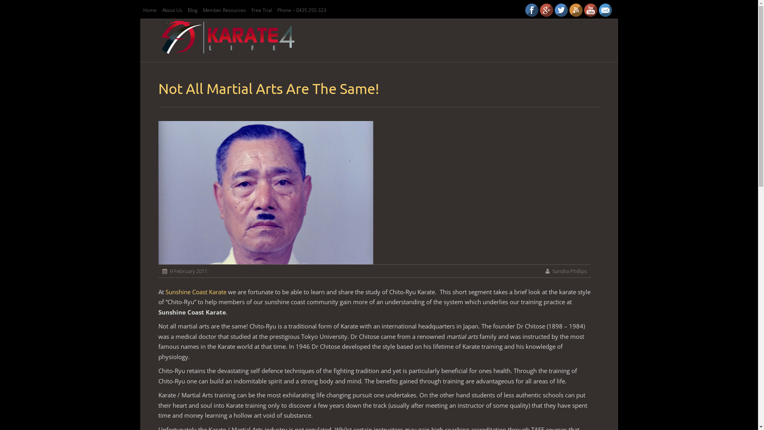 The height and width of the screenshot is (430, 764). What do you see at coordinates (575, 10) in the screenshot?
I see `'Subscribe to RSS Feeds'` at bounding box center [575, 10].